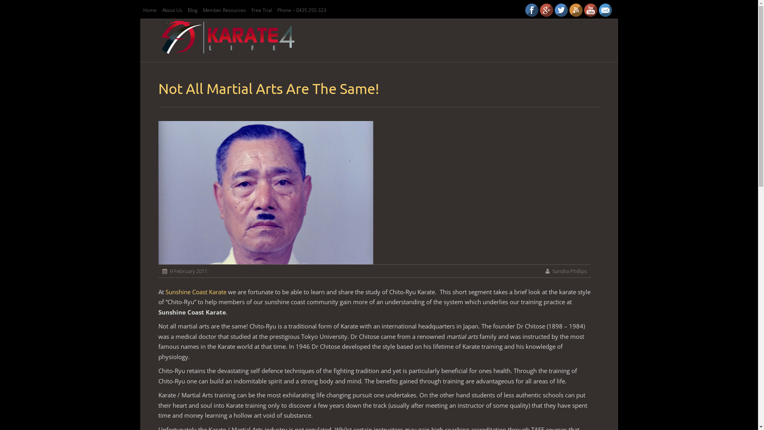 The height and width of the screenshot is (430, 764). What do you see at coordinates (575, 10) in the screenshot?
I see `'Subscribe to RSS Feeds'` at bounding box center [575, 10].